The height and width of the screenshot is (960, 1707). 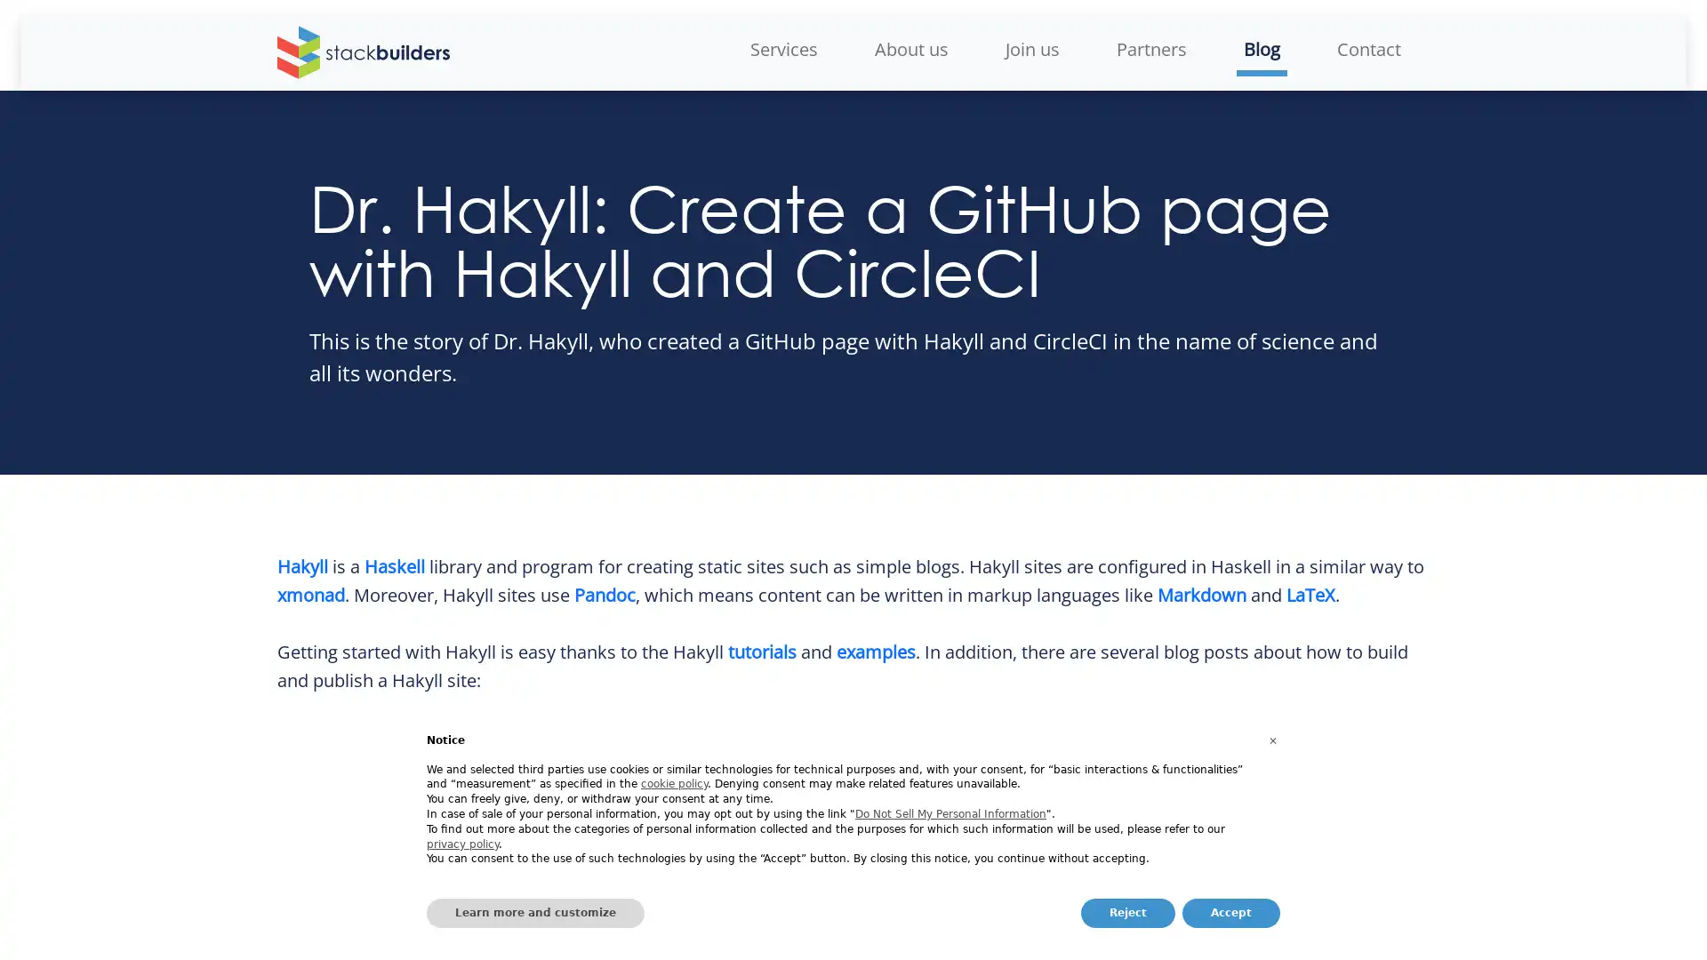 I want to click on Learn more and customize, so click(x=534, y=913).